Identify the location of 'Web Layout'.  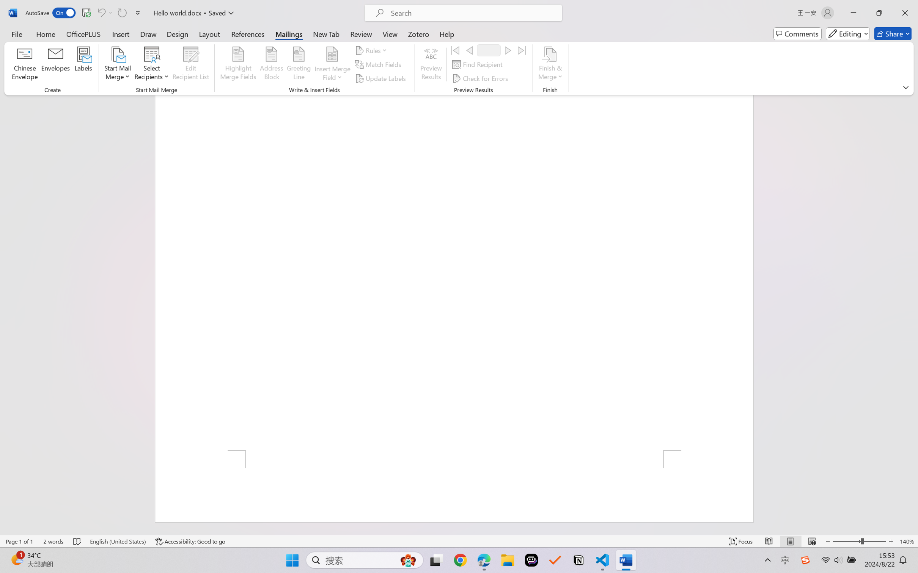
(811, 541).